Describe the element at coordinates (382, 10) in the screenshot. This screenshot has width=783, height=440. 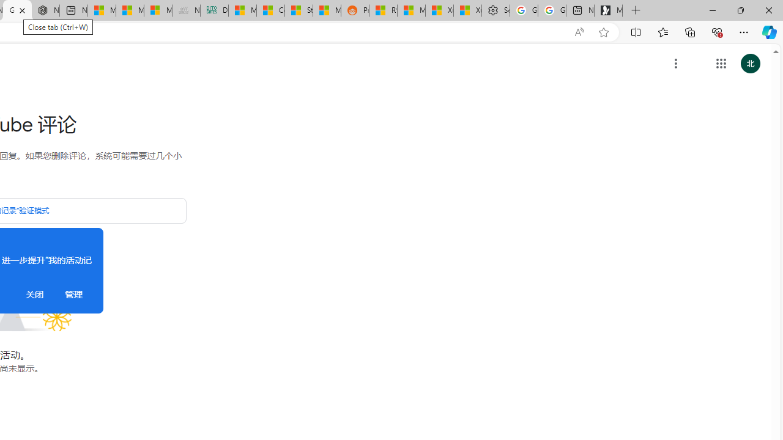
I see `'R******* | Trusted Community Engagement and Contributions'` at that location.